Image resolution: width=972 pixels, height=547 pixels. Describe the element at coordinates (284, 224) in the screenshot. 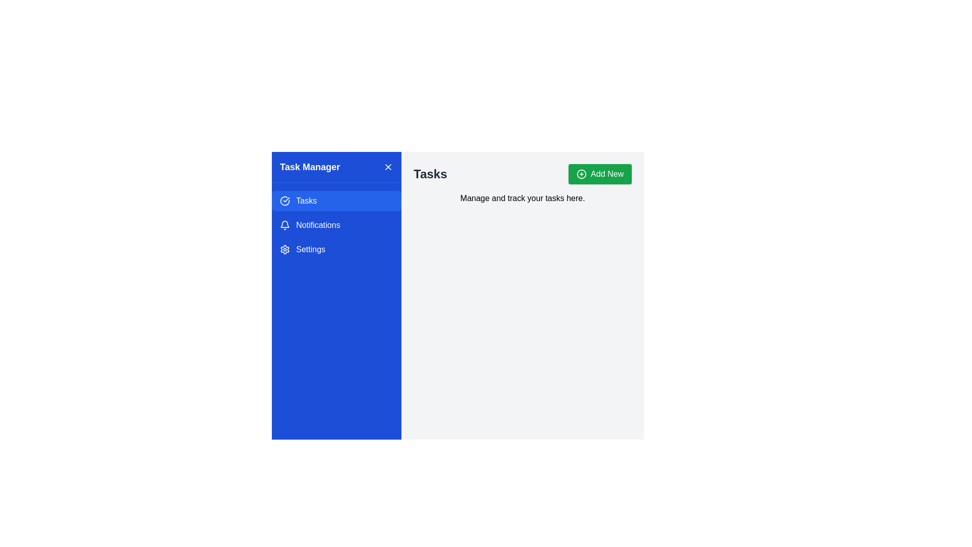

I see `the bell-shaped icon representing the notification indicator` at that location.